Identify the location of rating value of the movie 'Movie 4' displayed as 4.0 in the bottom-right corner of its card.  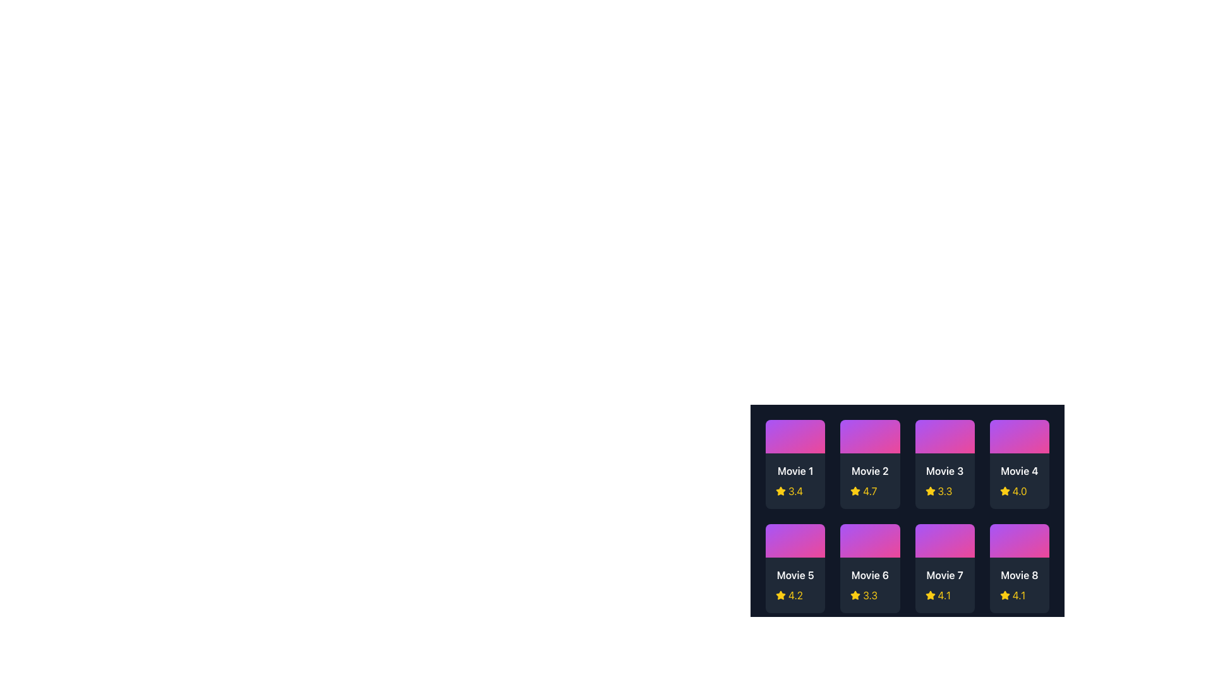
(1019, 491).